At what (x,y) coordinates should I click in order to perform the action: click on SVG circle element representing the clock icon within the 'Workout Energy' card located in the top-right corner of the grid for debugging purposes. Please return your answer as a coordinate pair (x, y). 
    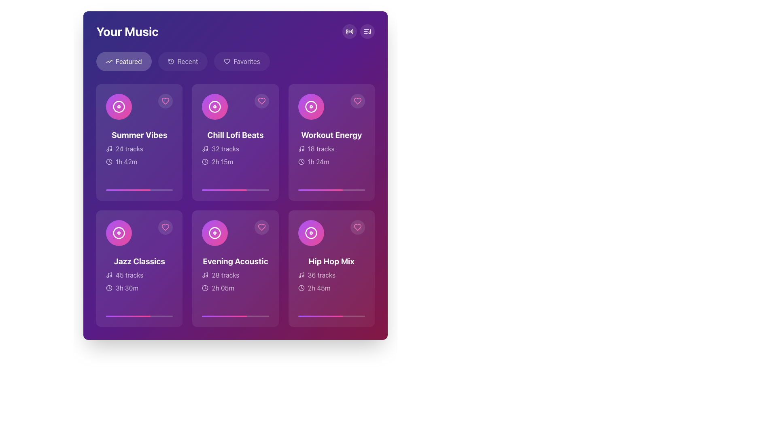
    Looking at the image, I should click on (301, 162).